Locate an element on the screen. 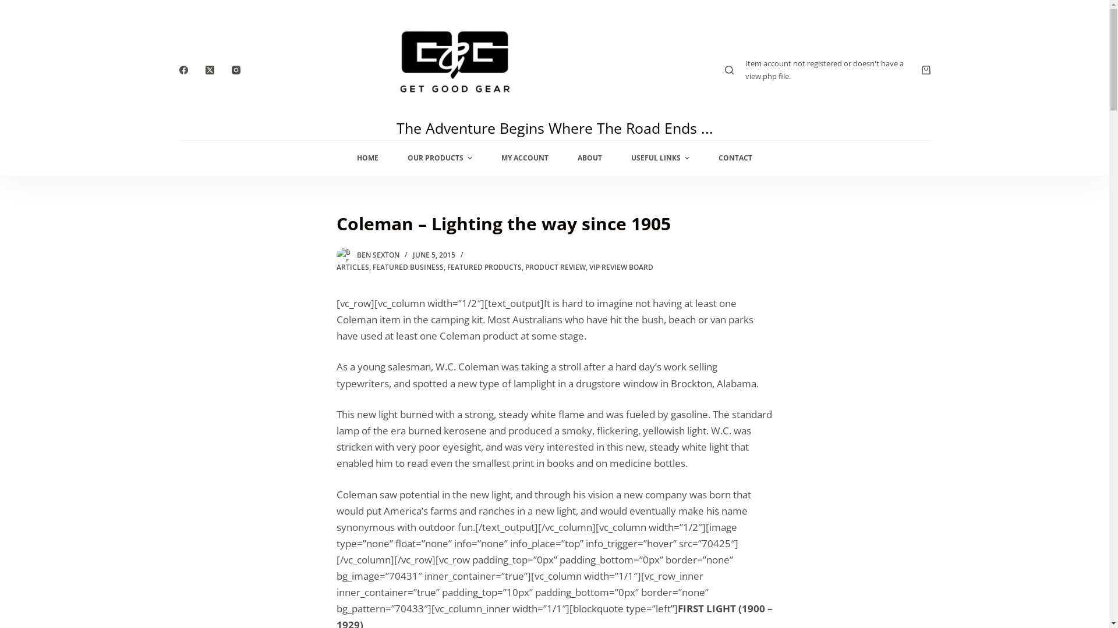 This screenshot has height=628, width=1118. 'CONTACT' is located at coordinates (703, 158).